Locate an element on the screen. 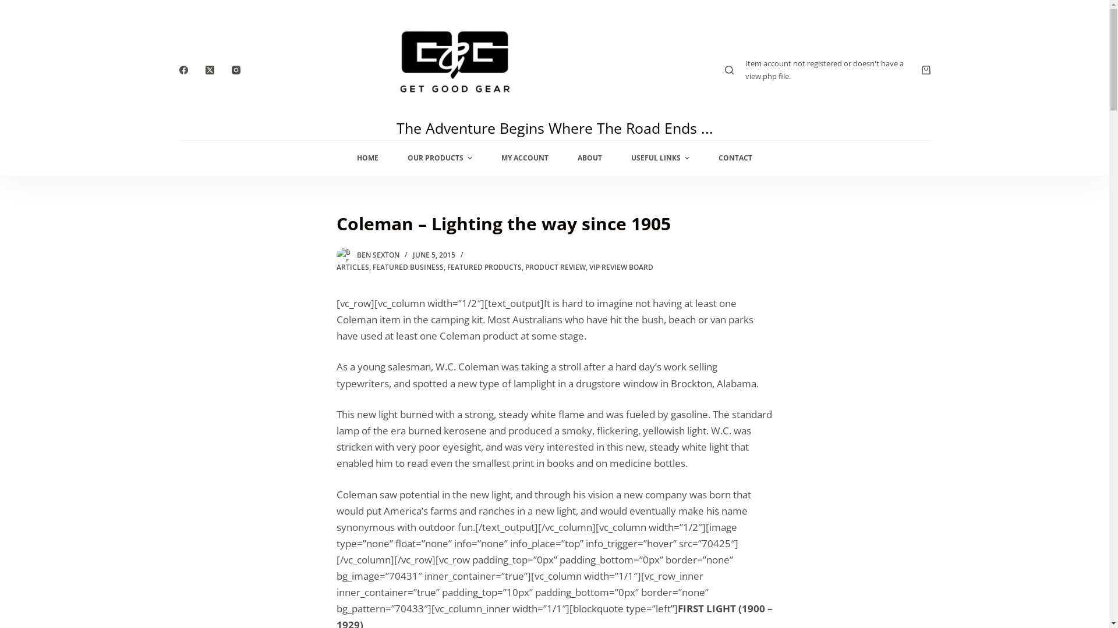 This screenshot has height=628, width=1118. 'CONTACT' is located at coordinates (703, 158).